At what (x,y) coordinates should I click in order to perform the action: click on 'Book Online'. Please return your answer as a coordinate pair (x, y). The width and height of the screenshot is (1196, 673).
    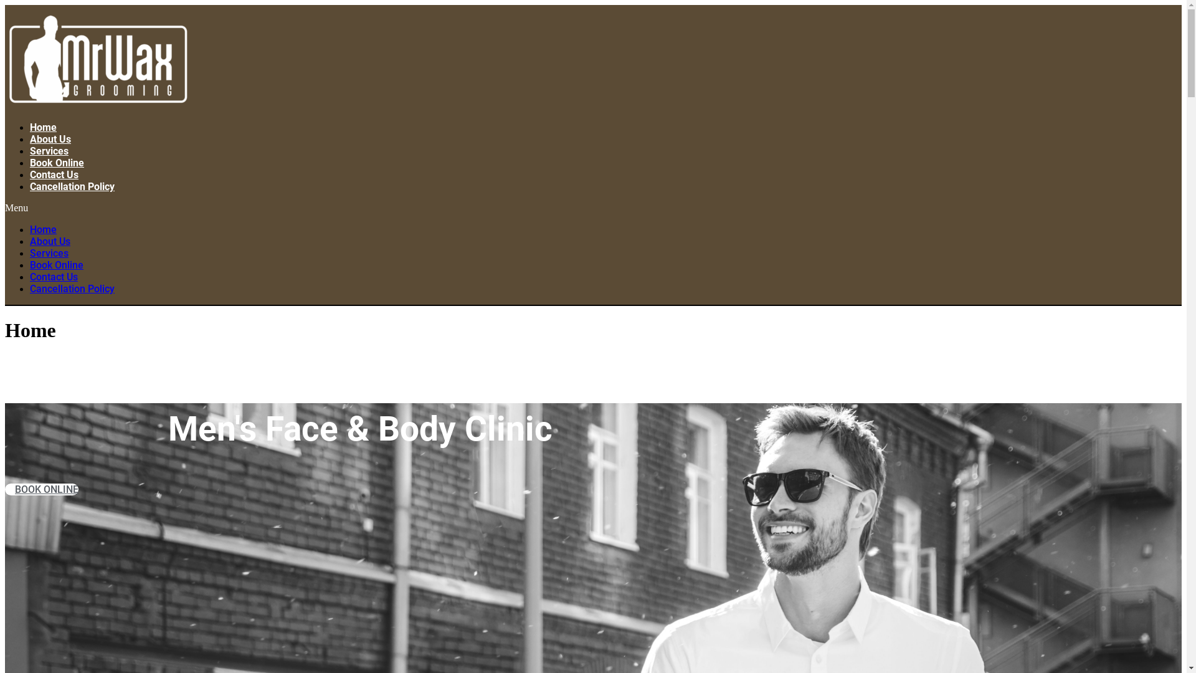
    Looking at the image, I should click on (56, 264).